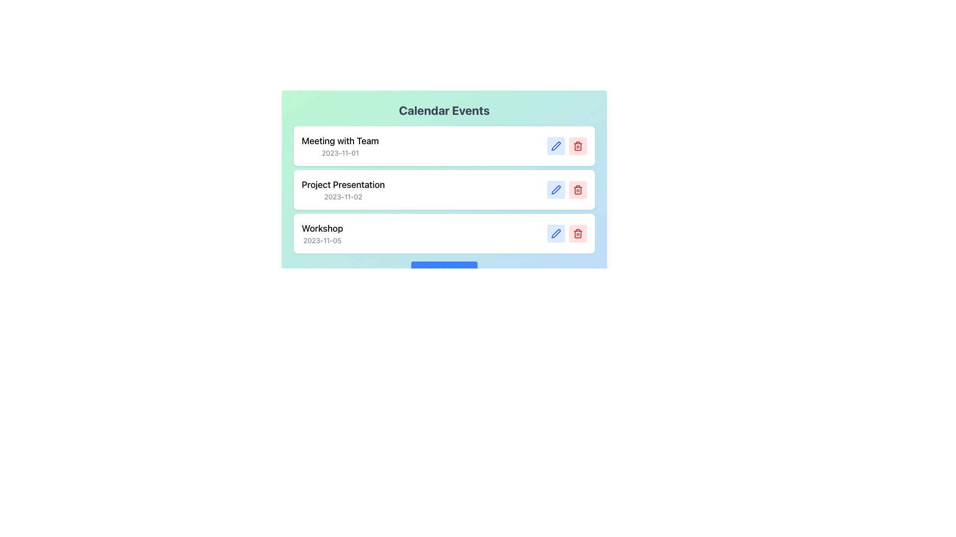  What do you see at coordinates (578, 146) in the screenshot?
I see `the central portion of the trash bin icon, which is a curved rectangular shape with a red fill color, located at the last position in a list of event options` at bounding box center [578, 146].